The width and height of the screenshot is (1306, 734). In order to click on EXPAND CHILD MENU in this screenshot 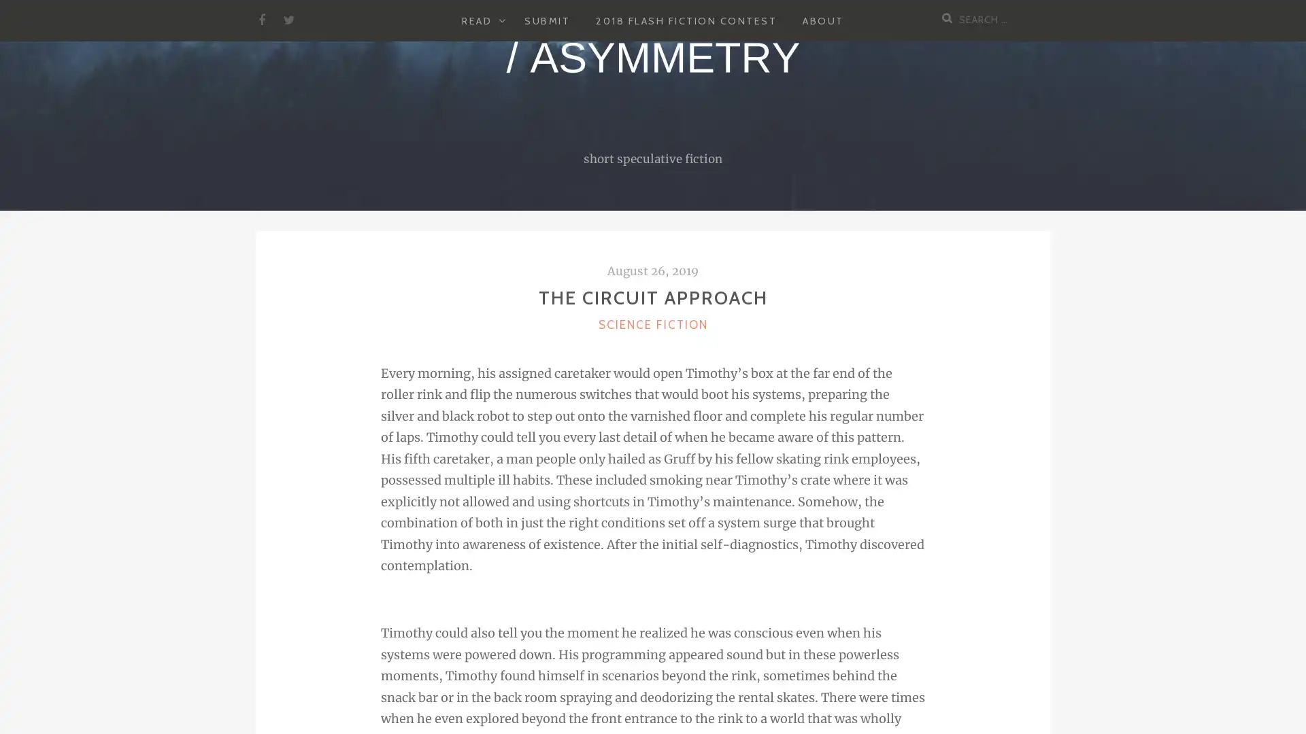, I will do `click(501, 20)`.